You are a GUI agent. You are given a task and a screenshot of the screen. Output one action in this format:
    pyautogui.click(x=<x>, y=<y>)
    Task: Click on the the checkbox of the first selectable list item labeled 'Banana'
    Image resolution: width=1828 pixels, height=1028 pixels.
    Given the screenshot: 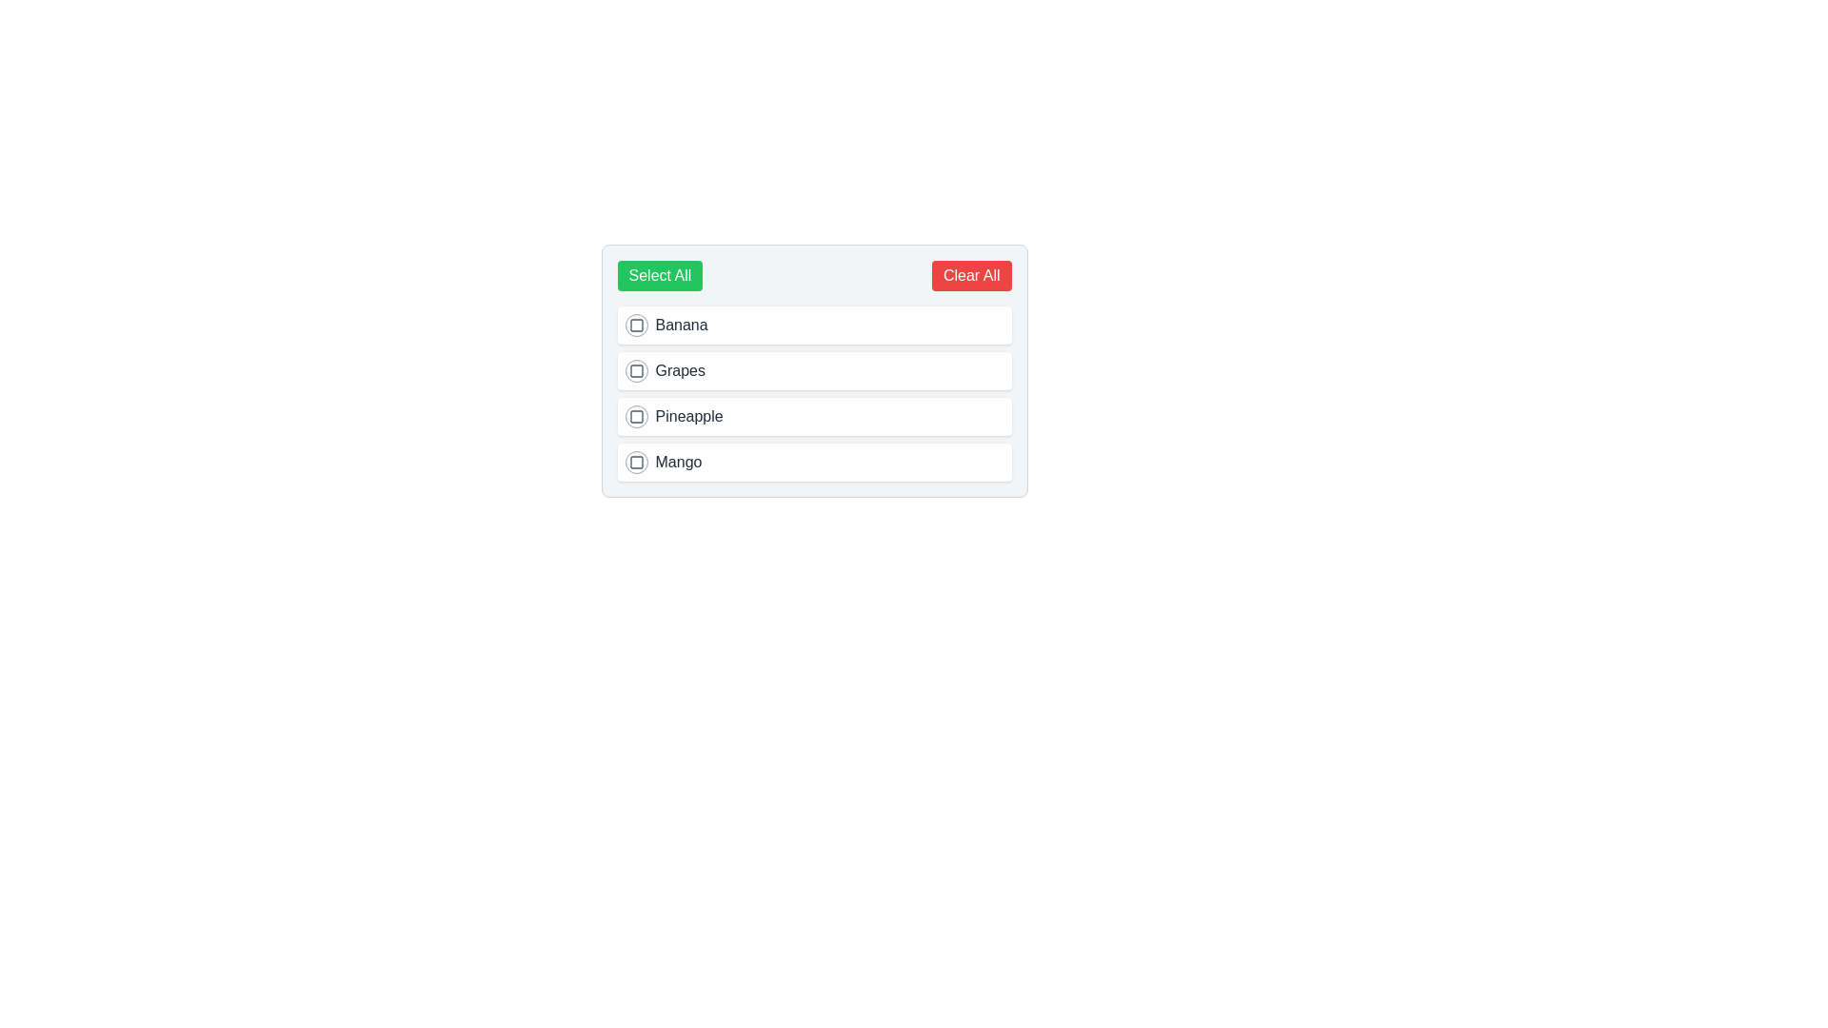 What is the action you would take?
    pyautogui.click(x=814, y=325)
    